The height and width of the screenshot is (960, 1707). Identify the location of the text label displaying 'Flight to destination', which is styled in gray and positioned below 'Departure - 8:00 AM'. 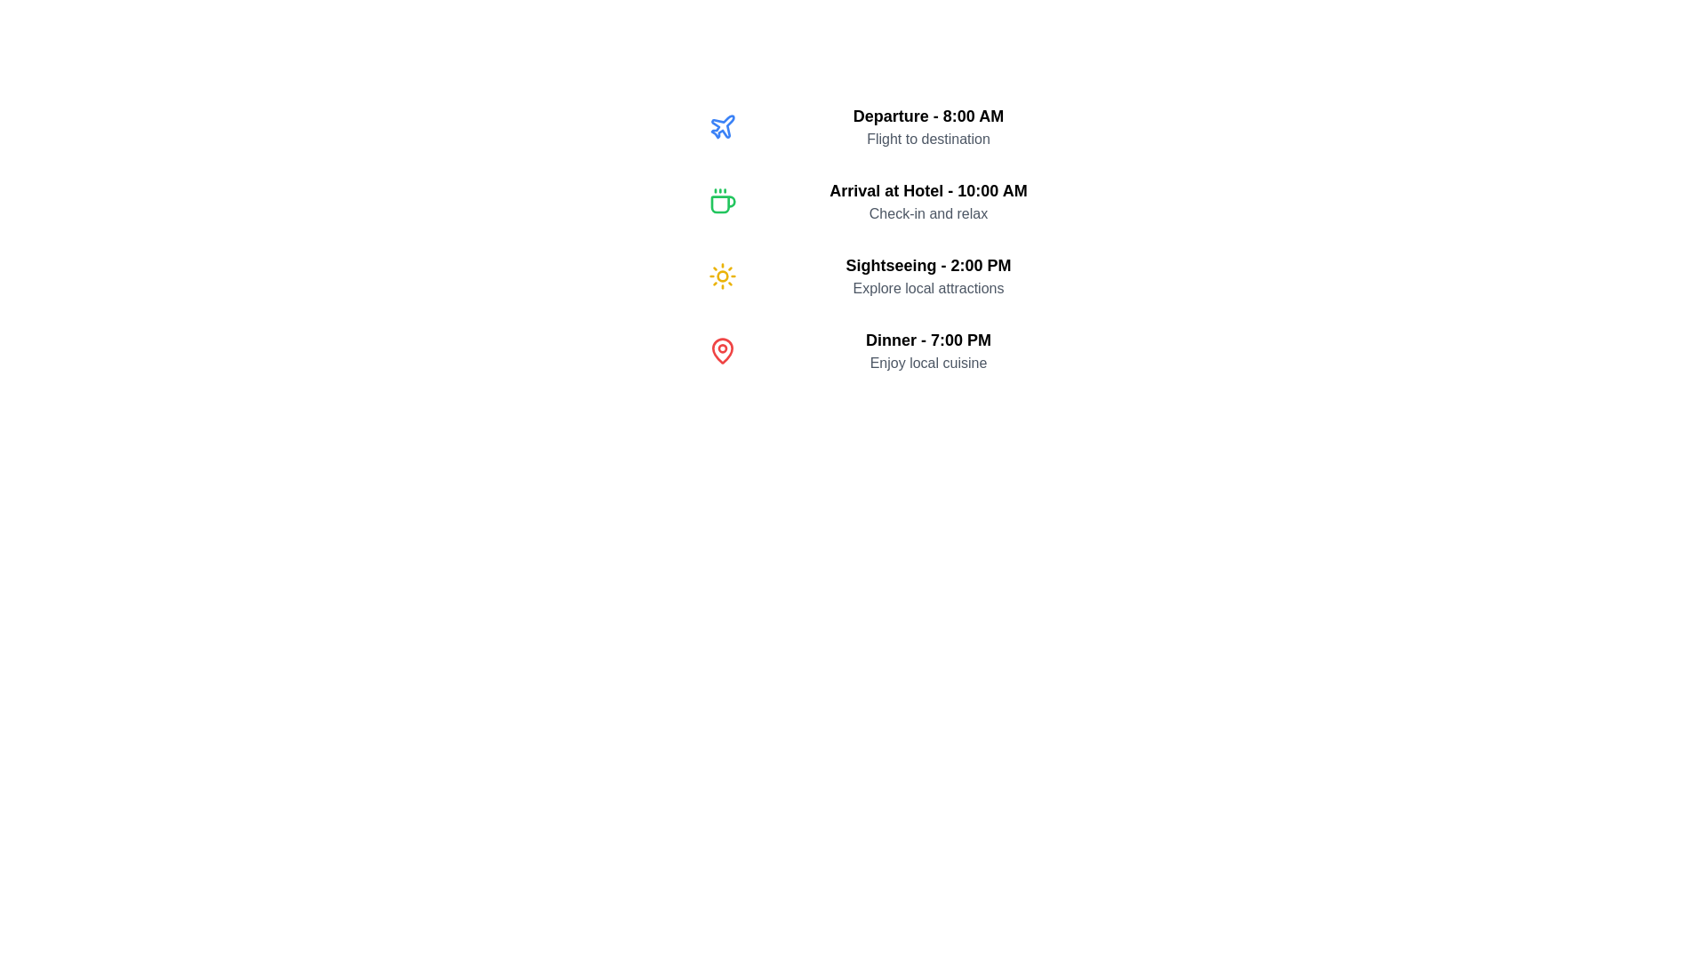
(927, 139).